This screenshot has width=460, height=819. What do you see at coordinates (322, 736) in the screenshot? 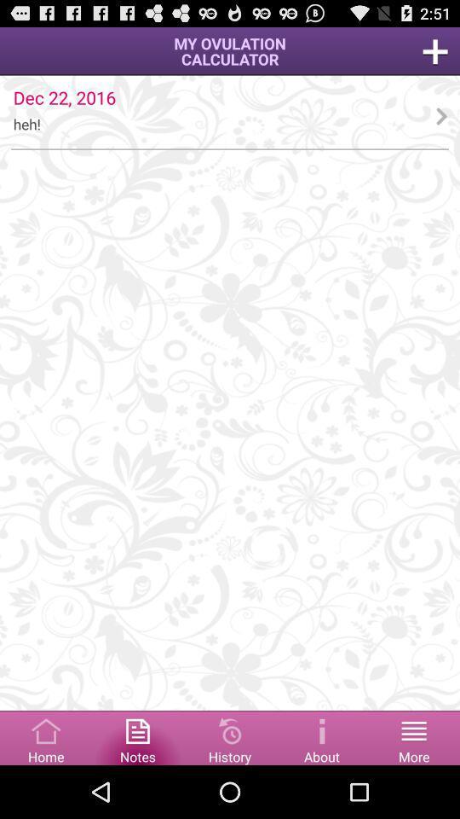
I see `about` at bounding box center [322, 736].